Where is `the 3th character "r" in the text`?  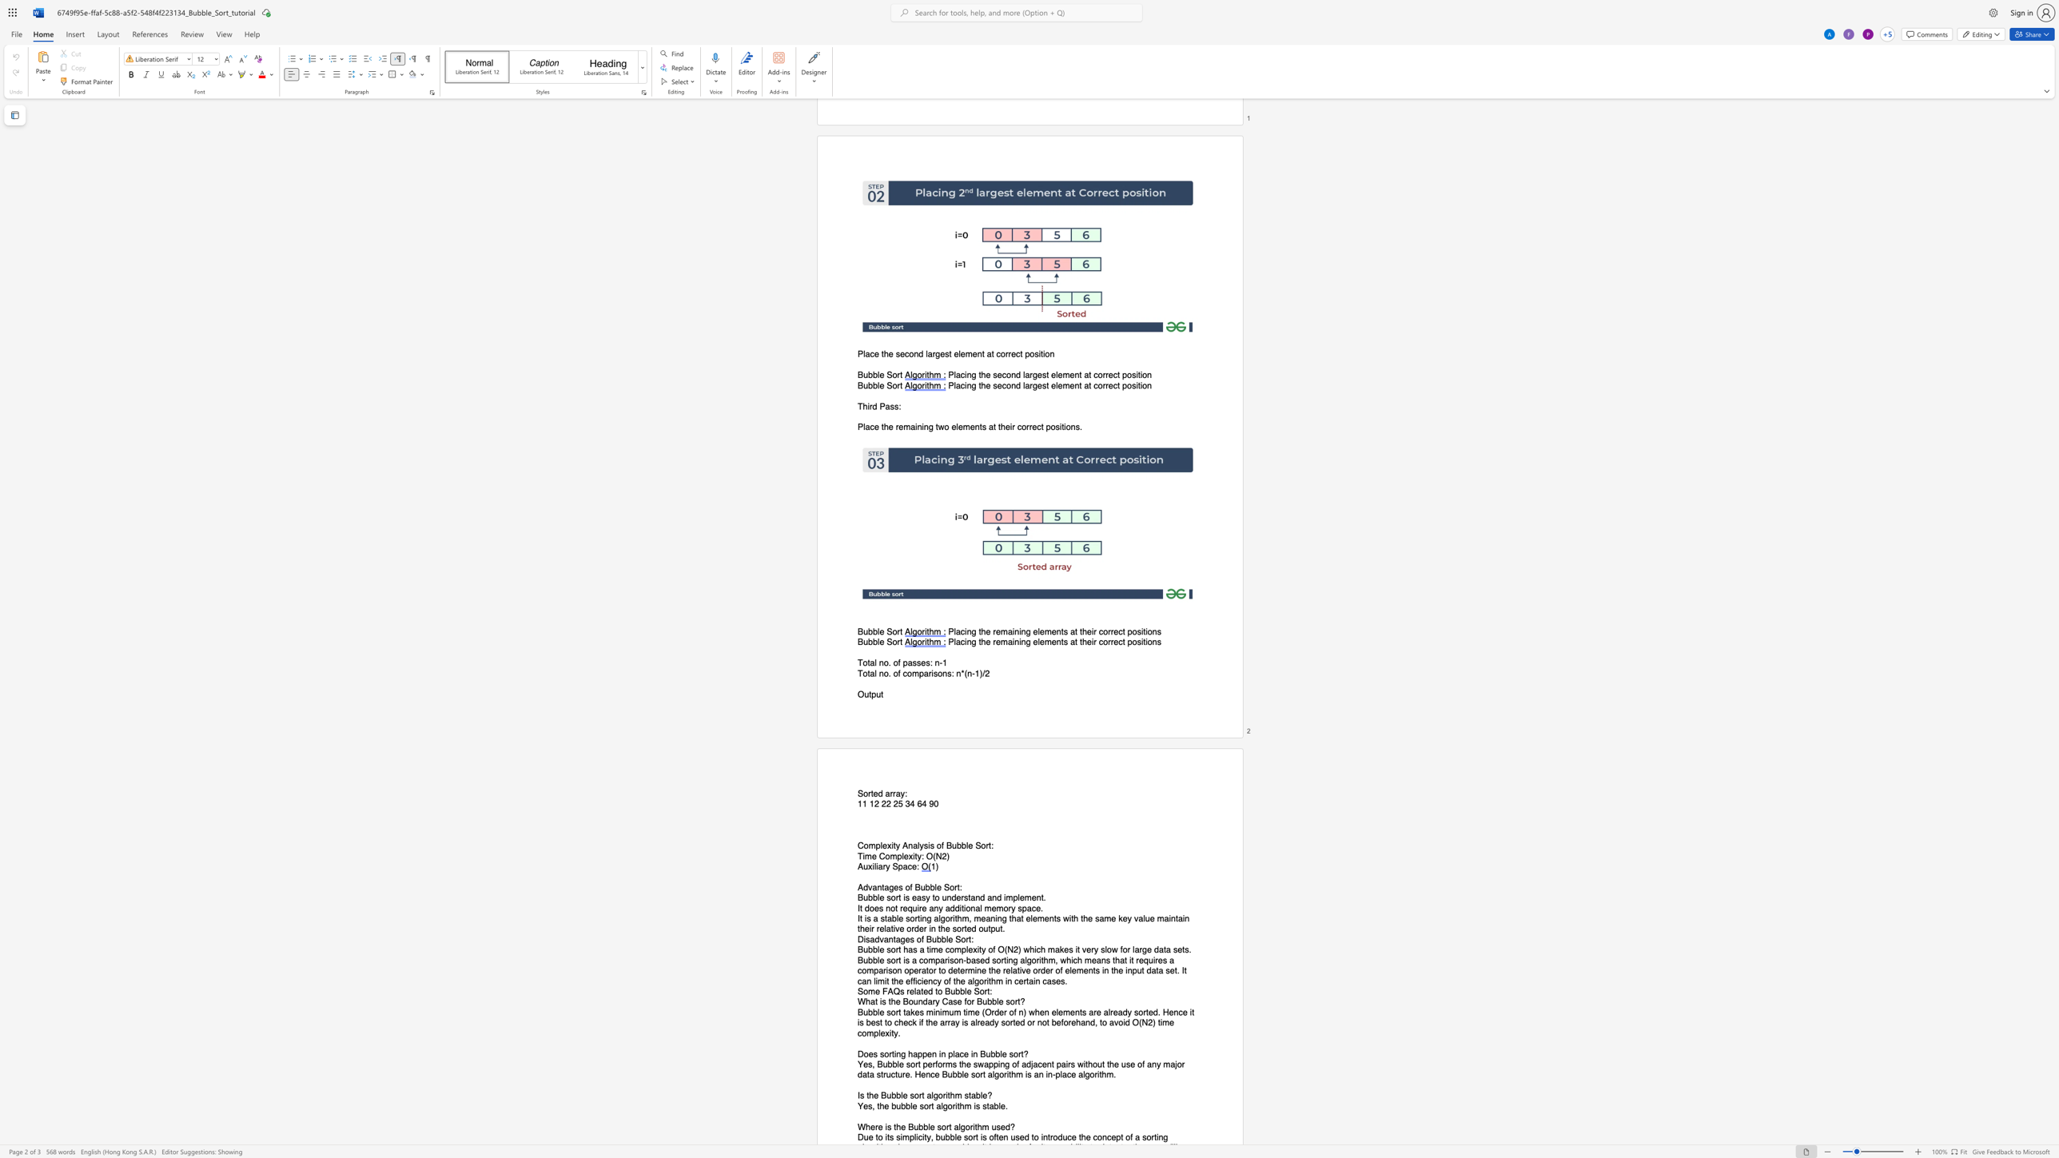
the 3th character "r" in the text is located at coordinates (894, 794).